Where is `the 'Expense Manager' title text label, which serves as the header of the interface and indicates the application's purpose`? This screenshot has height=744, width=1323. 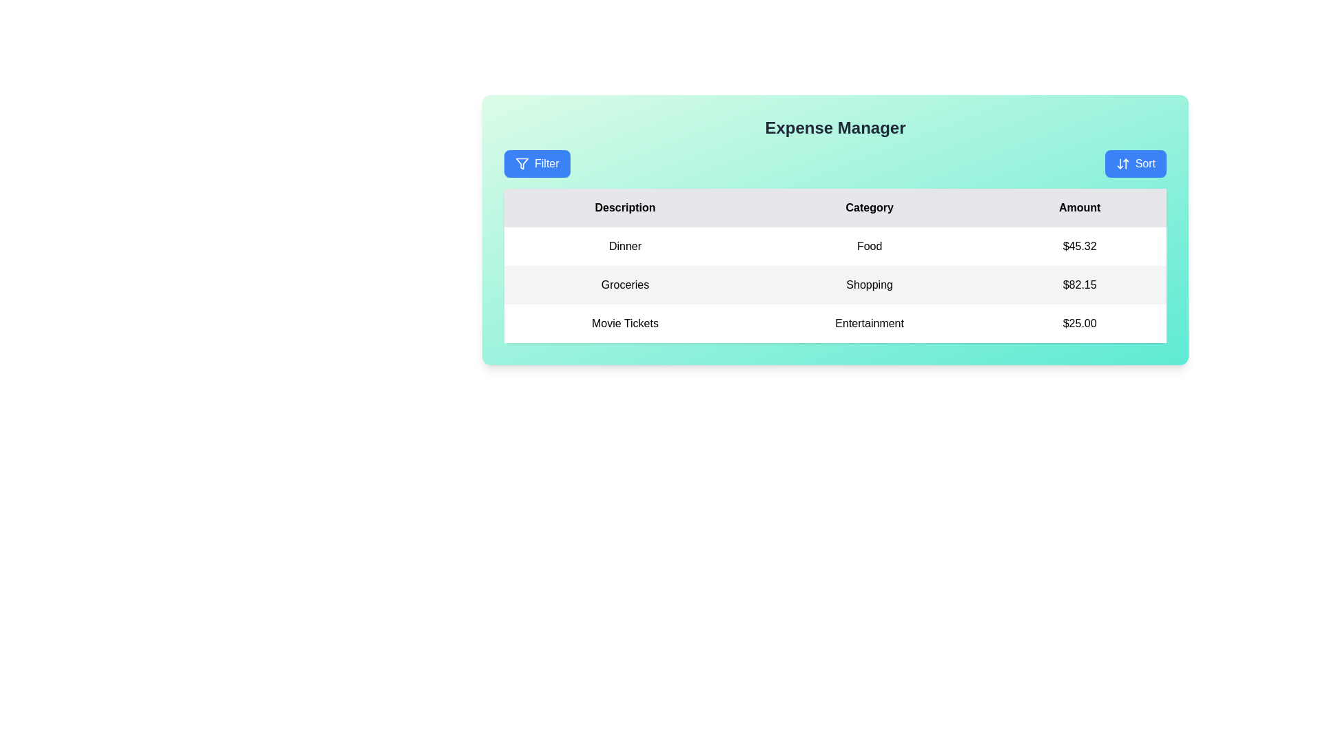
the 'Expense Manager' title text label, which serves as the header of the interface and indicates the application's purpose is located at coordinates (834, 127).